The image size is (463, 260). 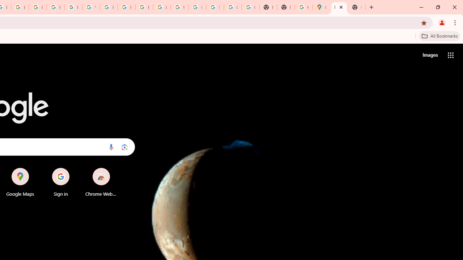 What do you see at coordinates (20, 7) in the screenshot?
I see `'Privacy Help Center - Policies Help'` at bounding box center [20, 7].